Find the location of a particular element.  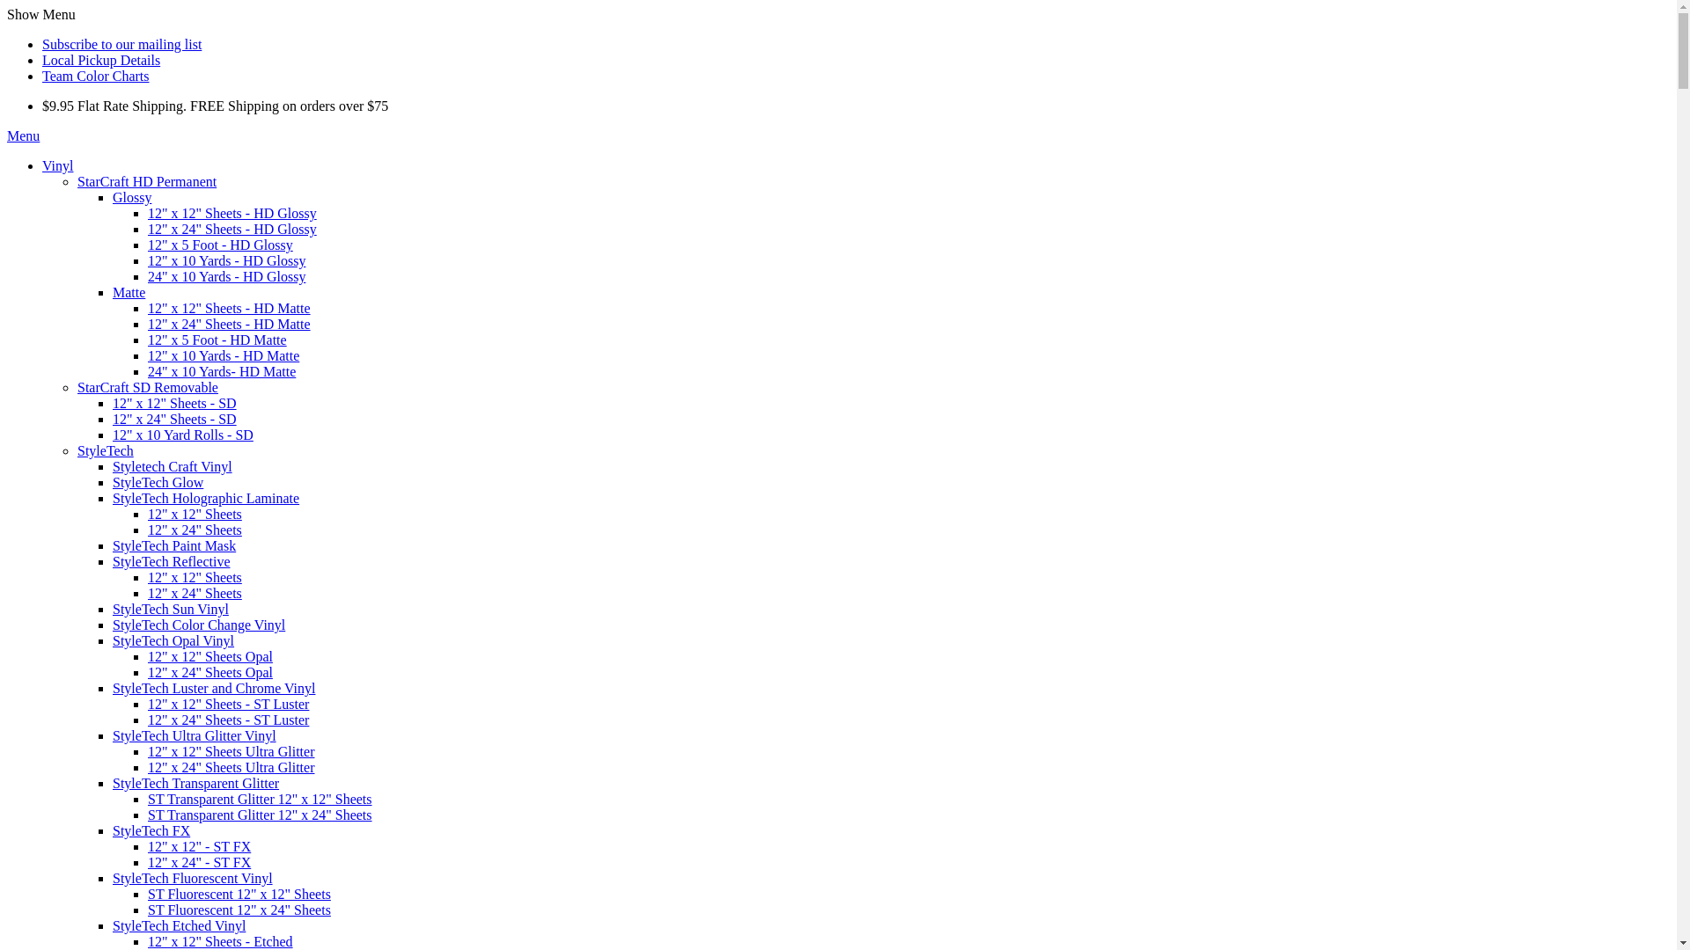

'12" x 24" Sheets Ultra Glitter' is located at coordinates (148, 766).